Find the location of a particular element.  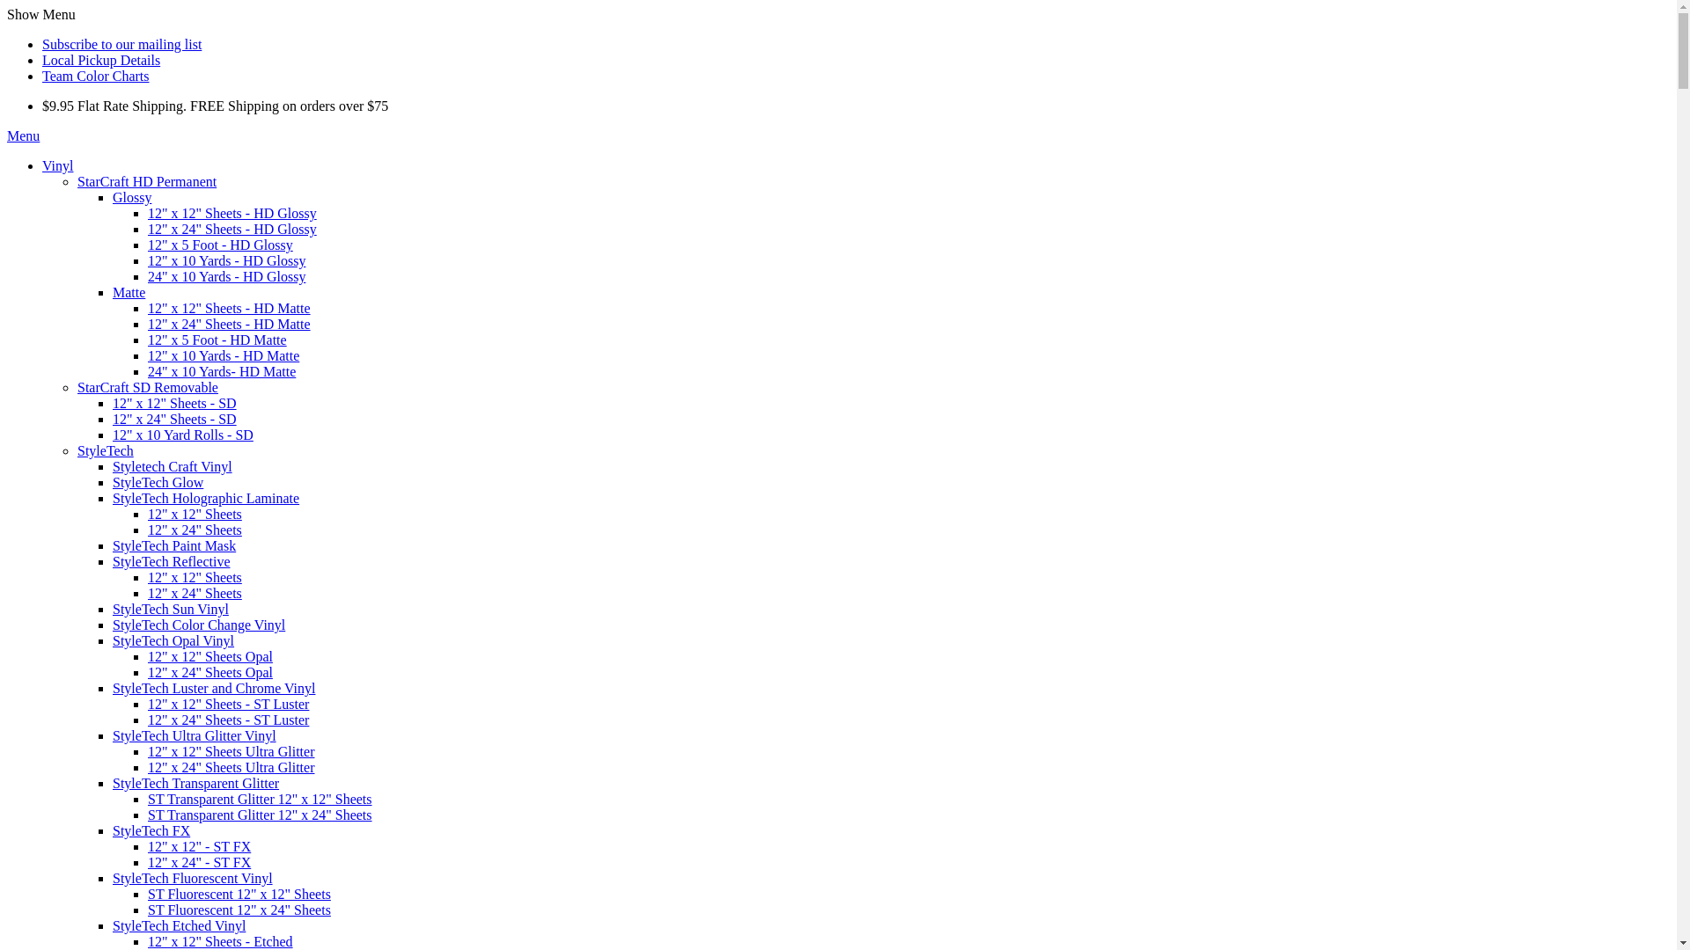

'12" x 24" Sheets Ultra Glitter' is located at coordinates (148, 766).